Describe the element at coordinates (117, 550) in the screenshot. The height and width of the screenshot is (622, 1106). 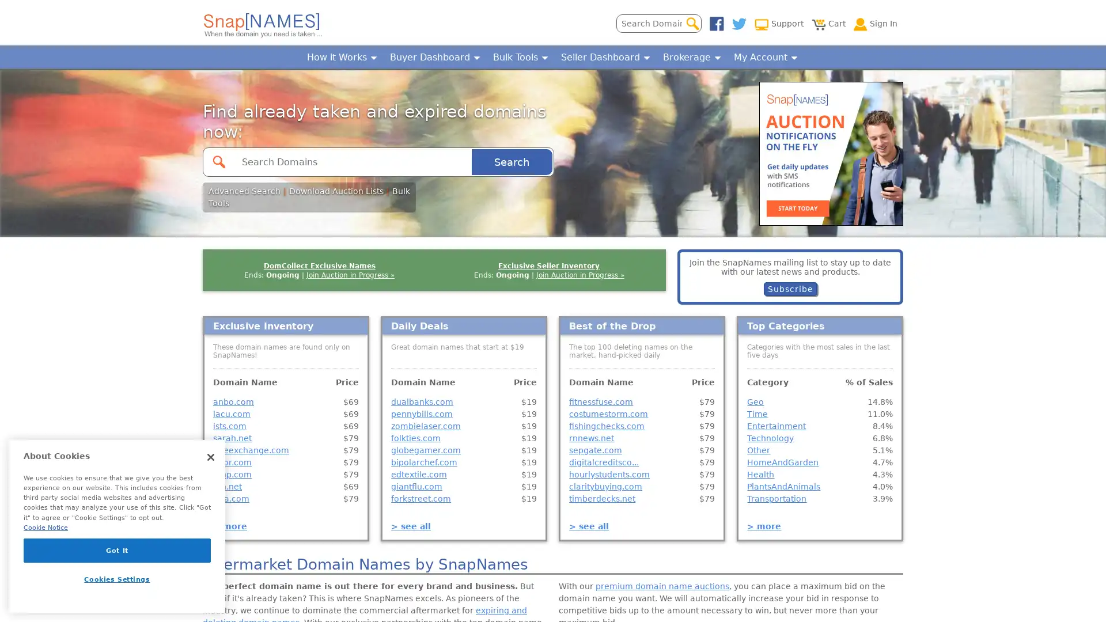
I see `Got It` at that location.